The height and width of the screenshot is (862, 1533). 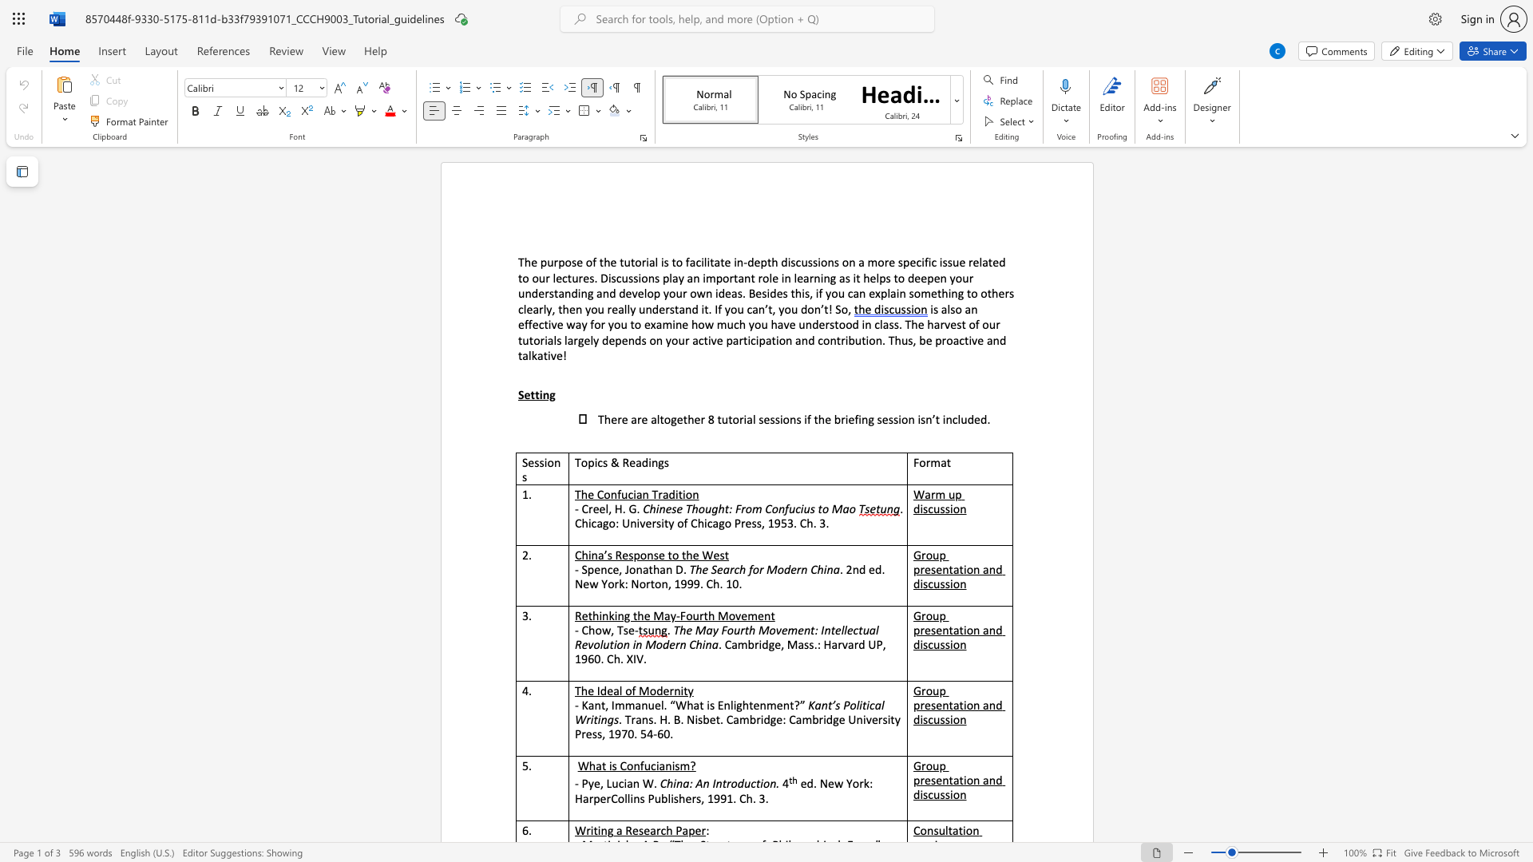 What do you see at coordinates (635, 462) in the screenshot?
I see `the subset text "adi" within the text "Topics & Readings"` at bounding box center [635, 462].